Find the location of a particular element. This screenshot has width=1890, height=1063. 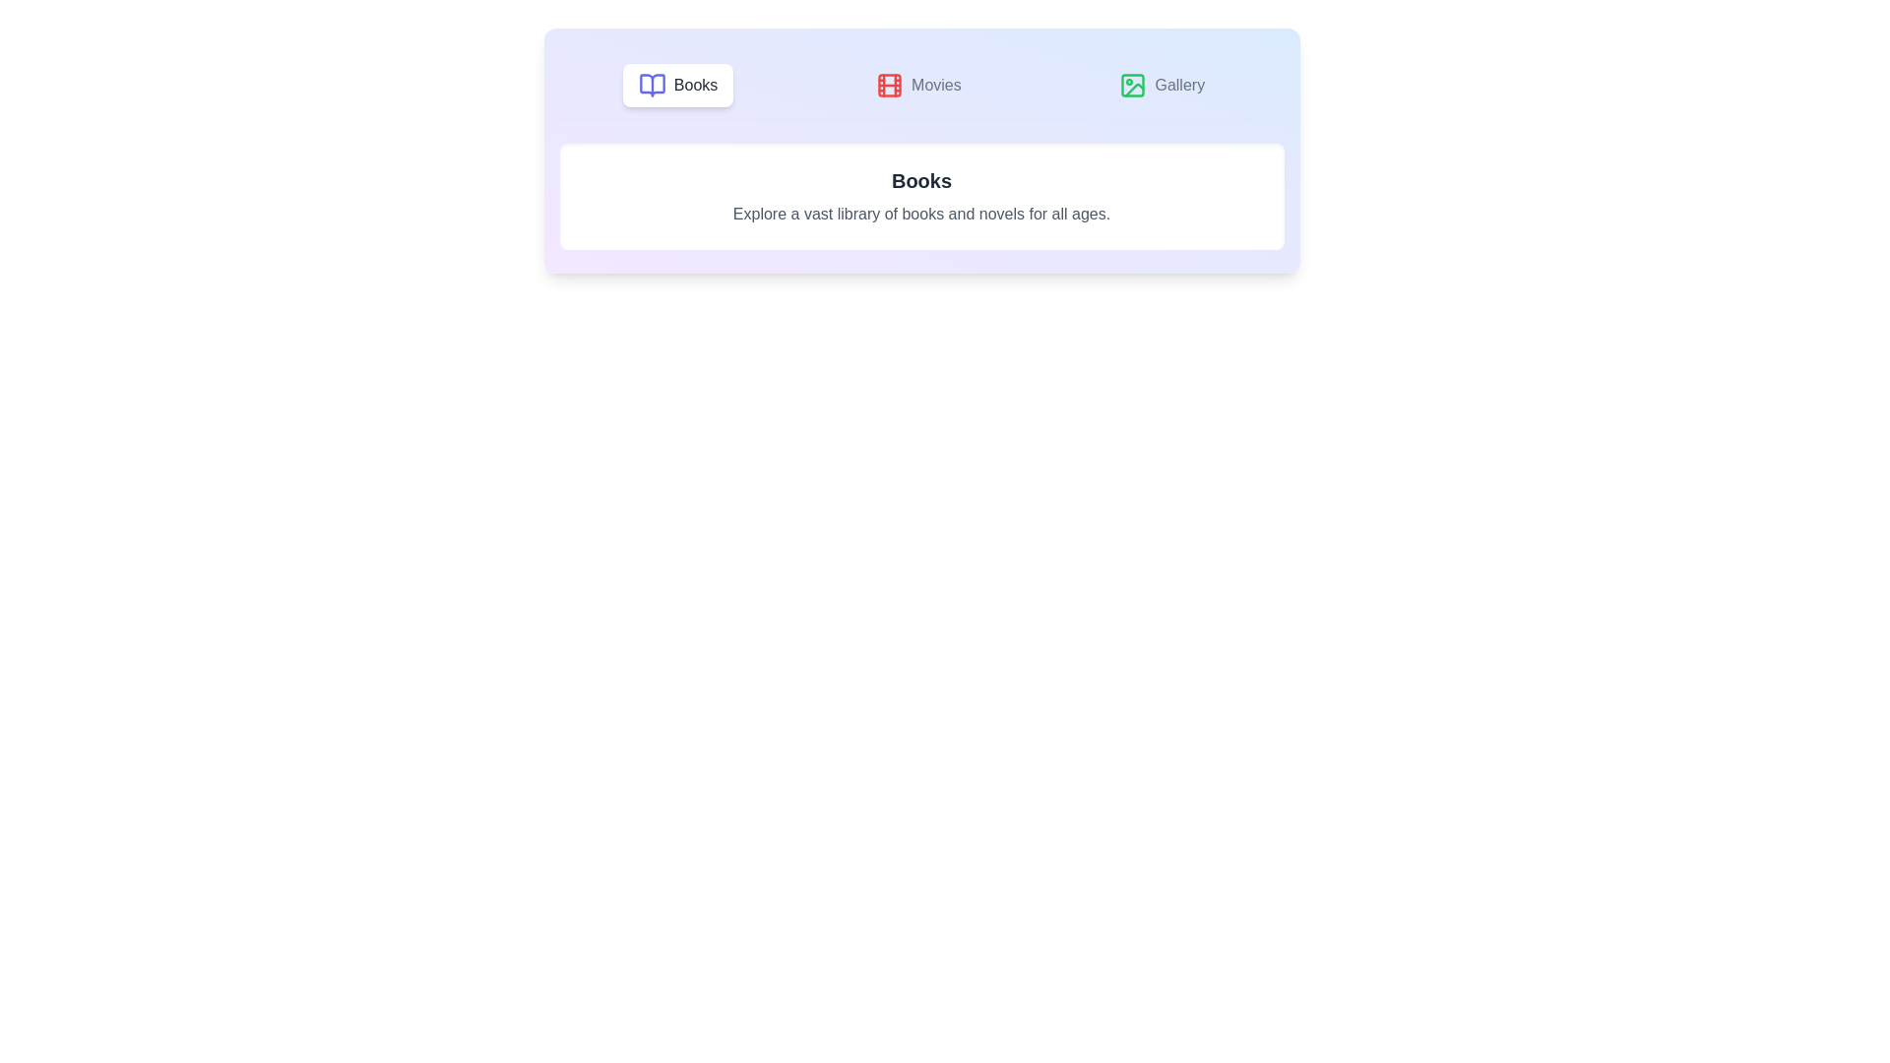

the Books tab to view its content is located at coordinates (678, 85).